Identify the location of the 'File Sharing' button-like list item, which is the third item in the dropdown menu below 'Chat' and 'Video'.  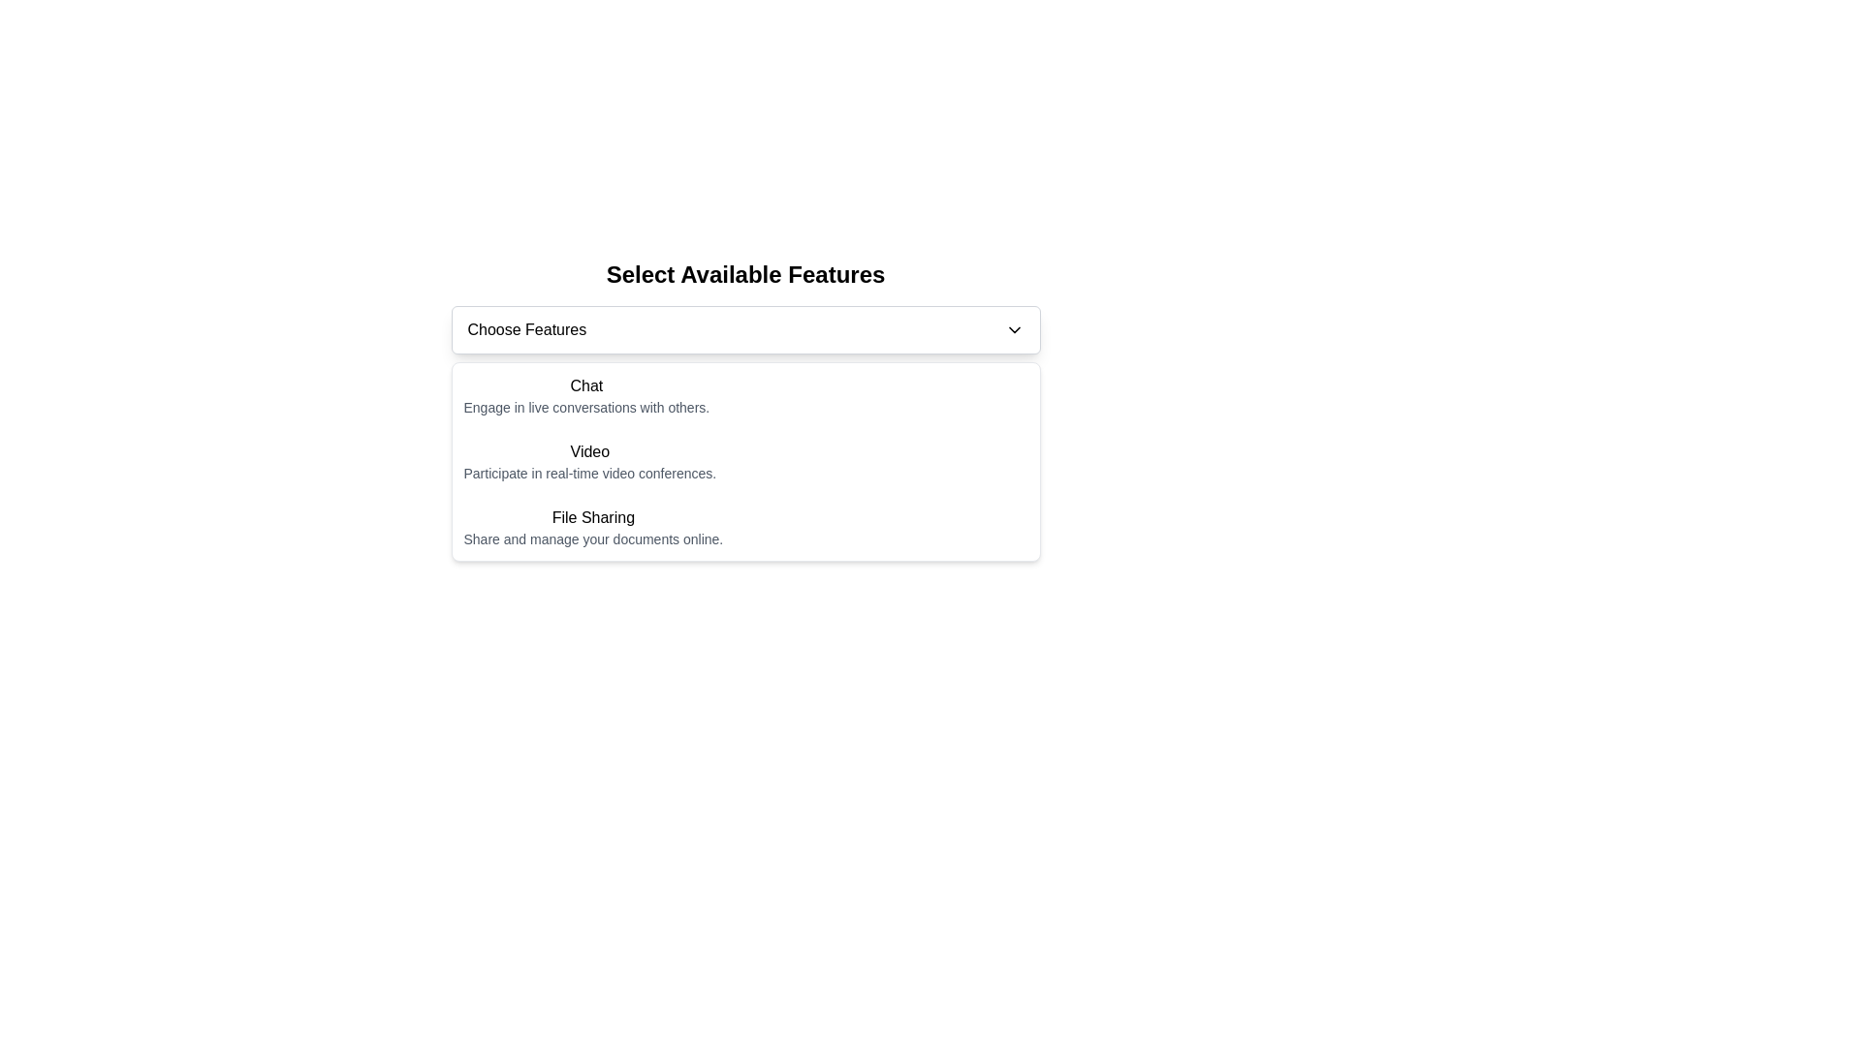
(744, 527).